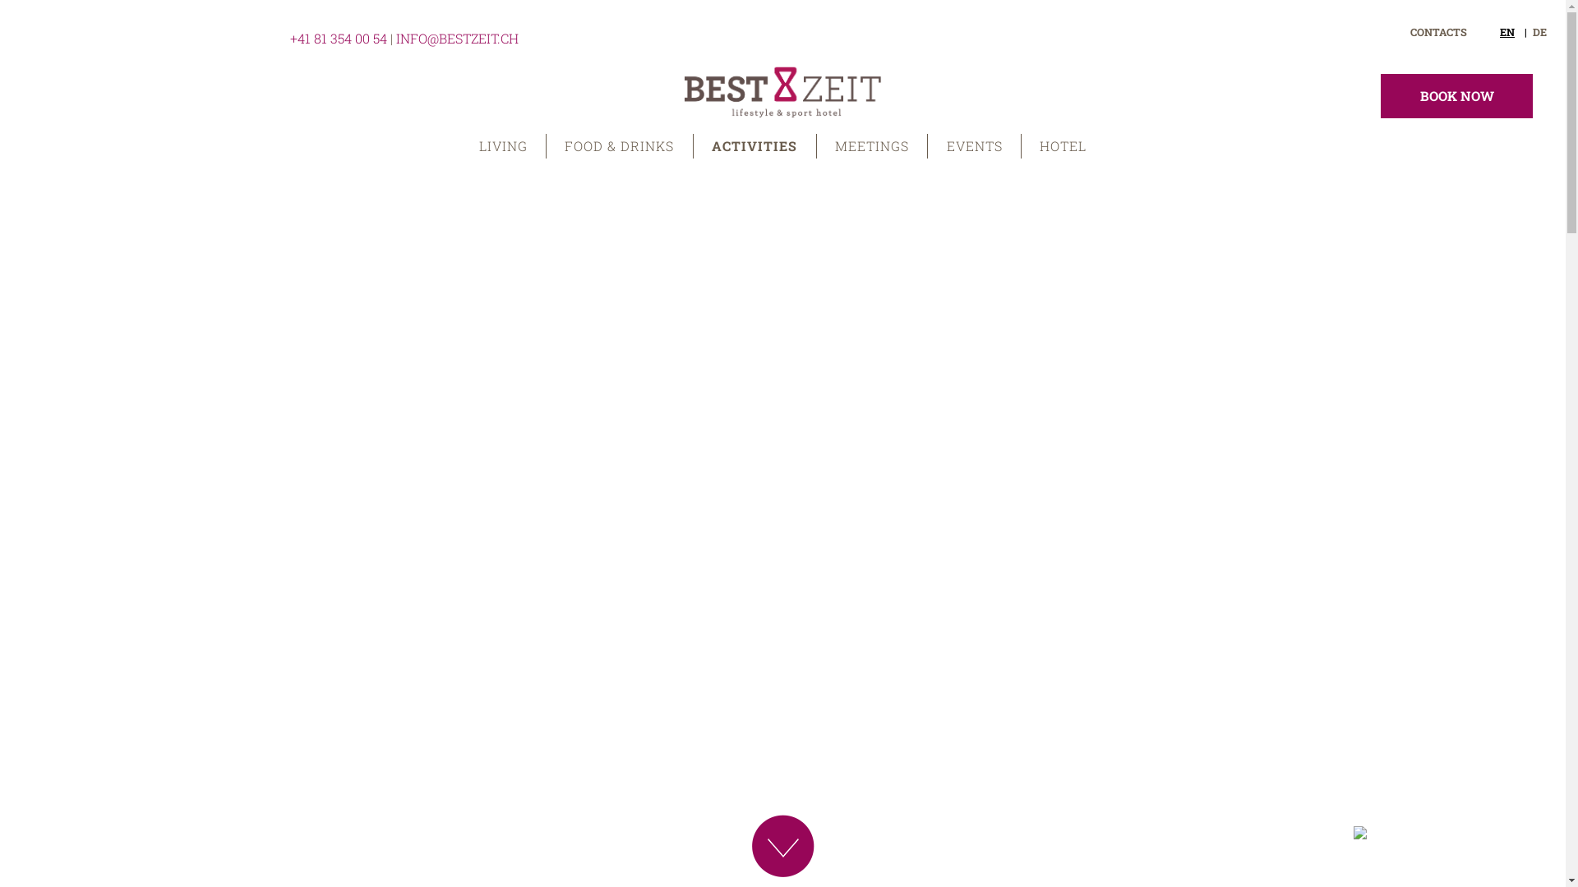 The height and width of the screenshot is (887, 1578). What do you see at coordinates (619, 145) in the screenshot?
I see `'FOOD & DRINKS'` at bounding box center [619, 145].